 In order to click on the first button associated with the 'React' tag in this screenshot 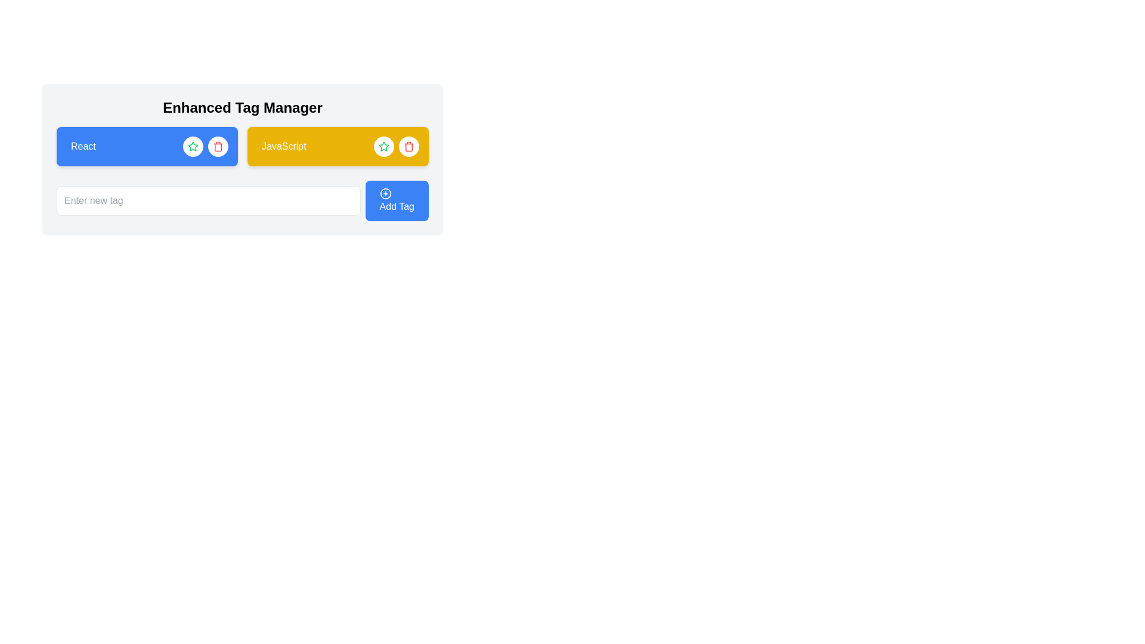, I will do `click(193, 146)`.